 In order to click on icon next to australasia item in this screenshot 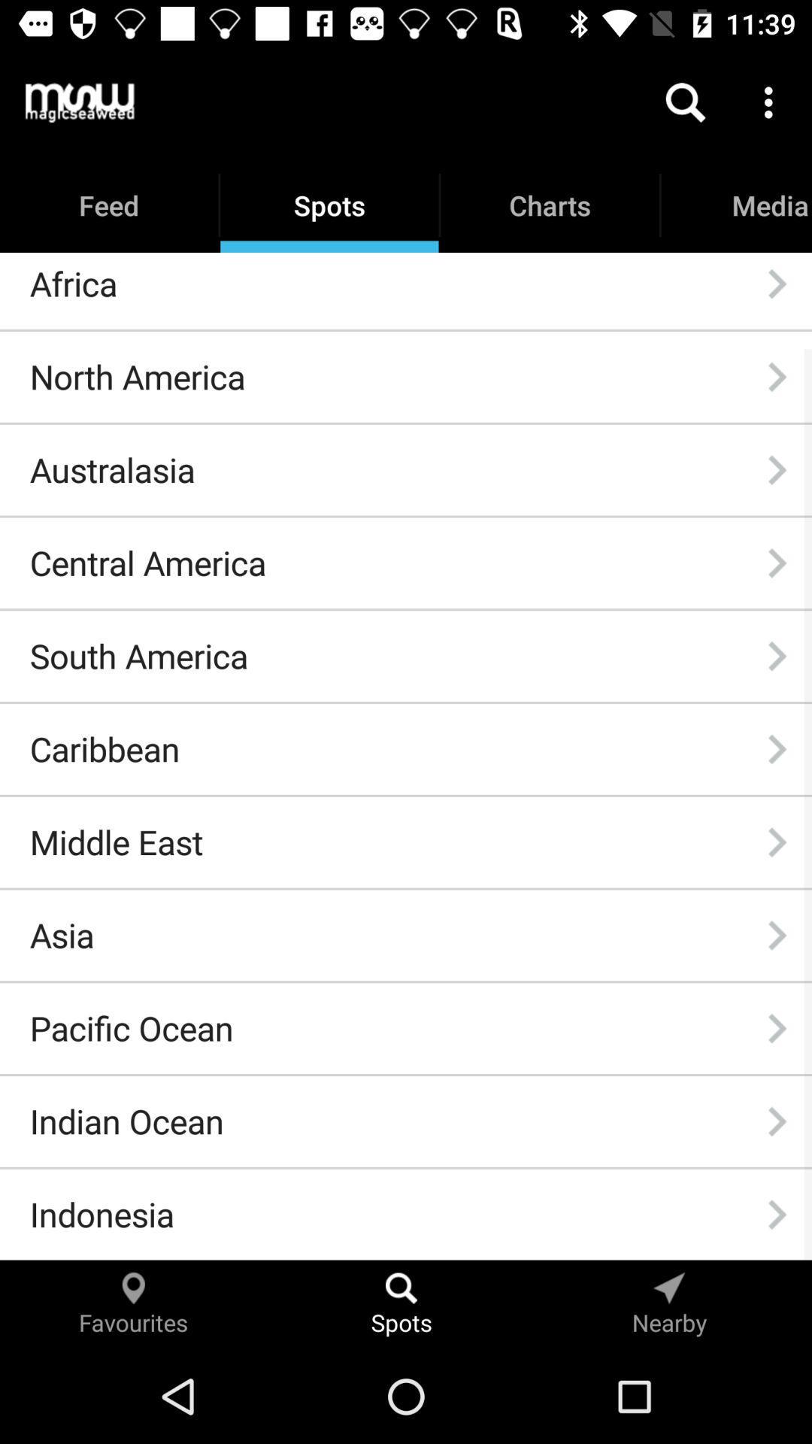, I will do `click(777, 469)`.